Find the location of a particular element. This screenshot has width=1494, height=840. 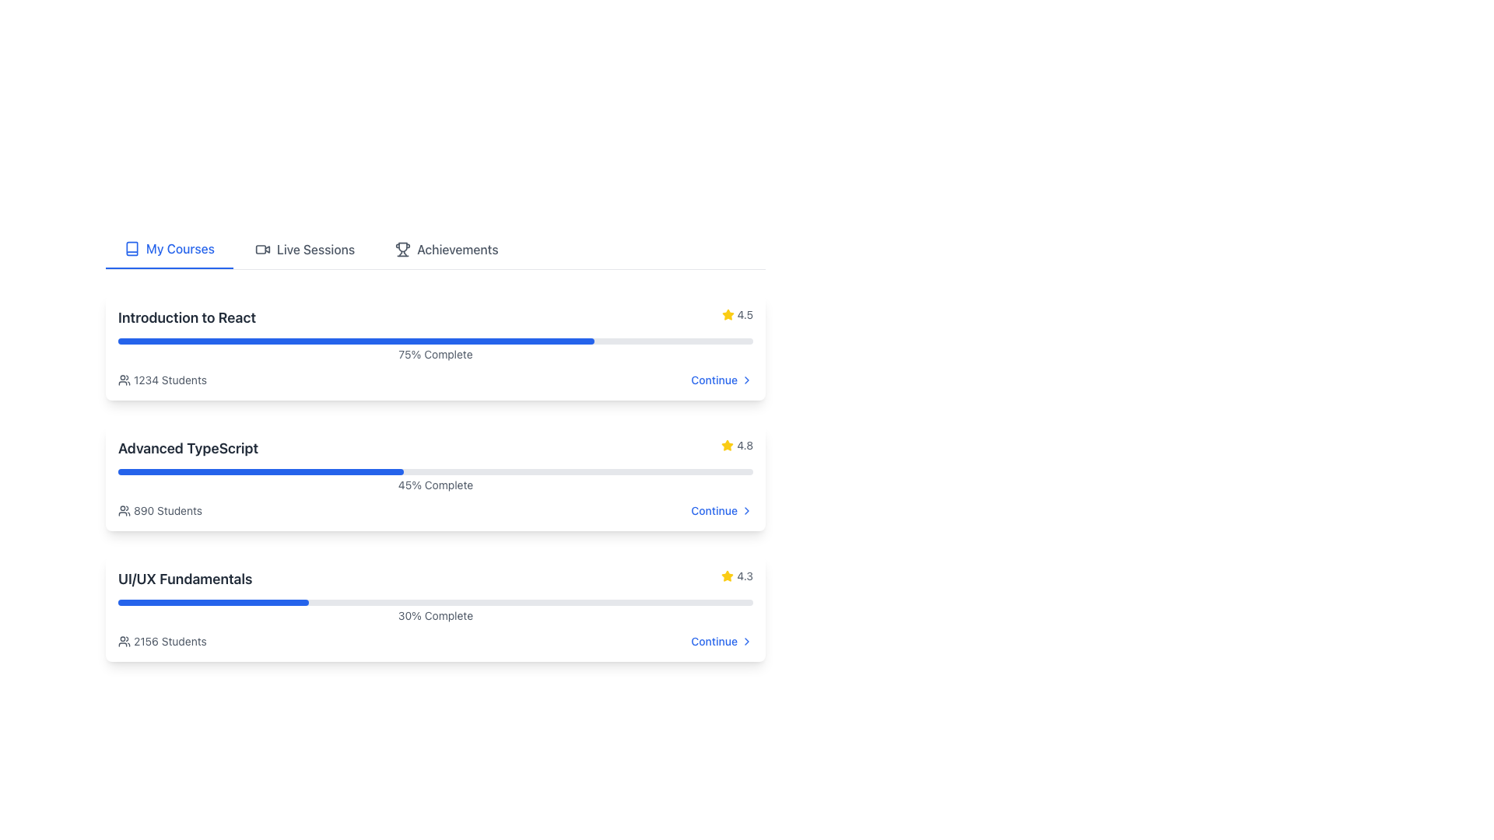

the progress bar located in the 'Advanced TypeScript' section, which visually conveys the course's completion status and is positioned below the text '45% Complete' is located at coordinates (436, 471).